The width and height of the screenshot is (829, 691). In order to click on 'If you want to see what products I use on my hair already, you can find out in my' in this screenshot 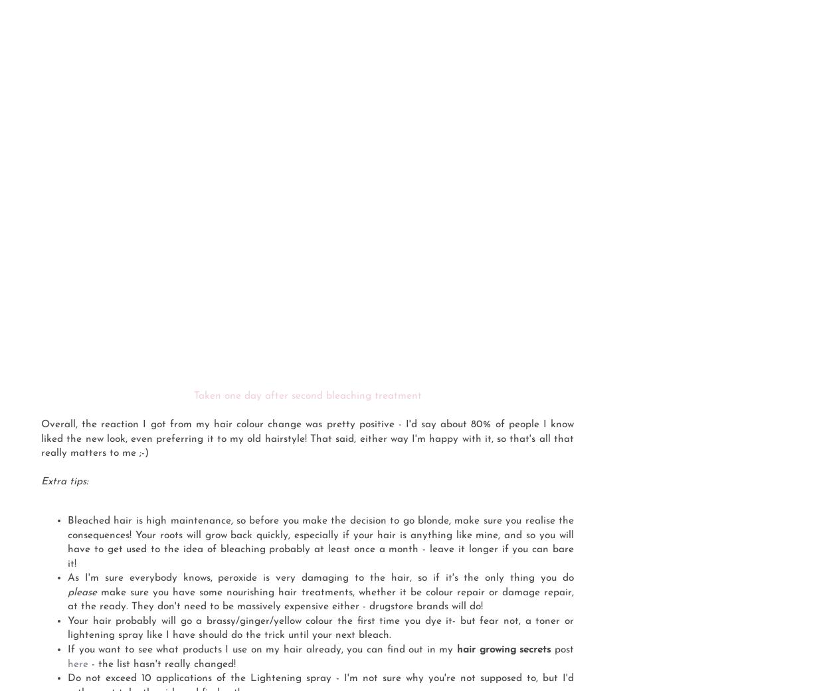, I will do `click(261, 650)`.